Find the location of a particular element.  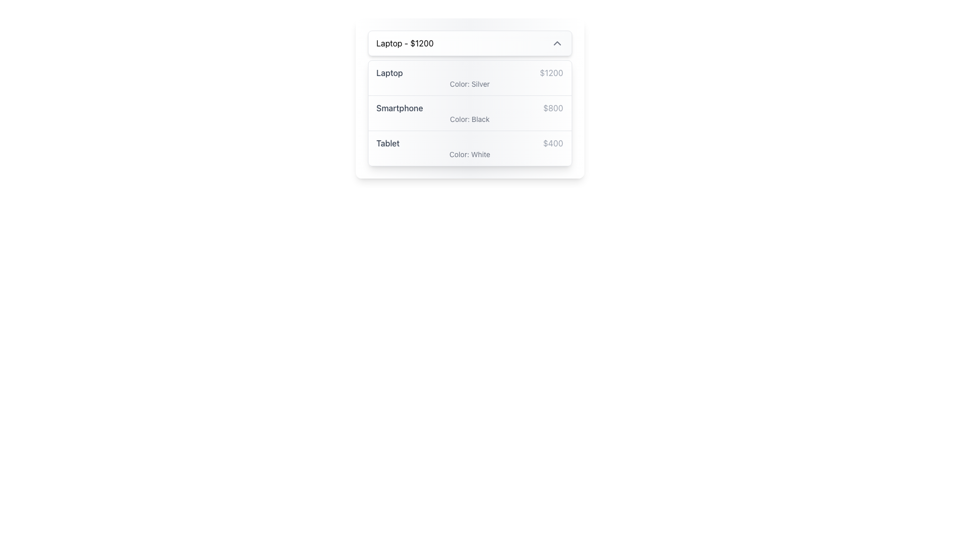

the upward-facing chevron icon located to the right of the text 'Laptop - $1200' is located at coordinates (556, 42).